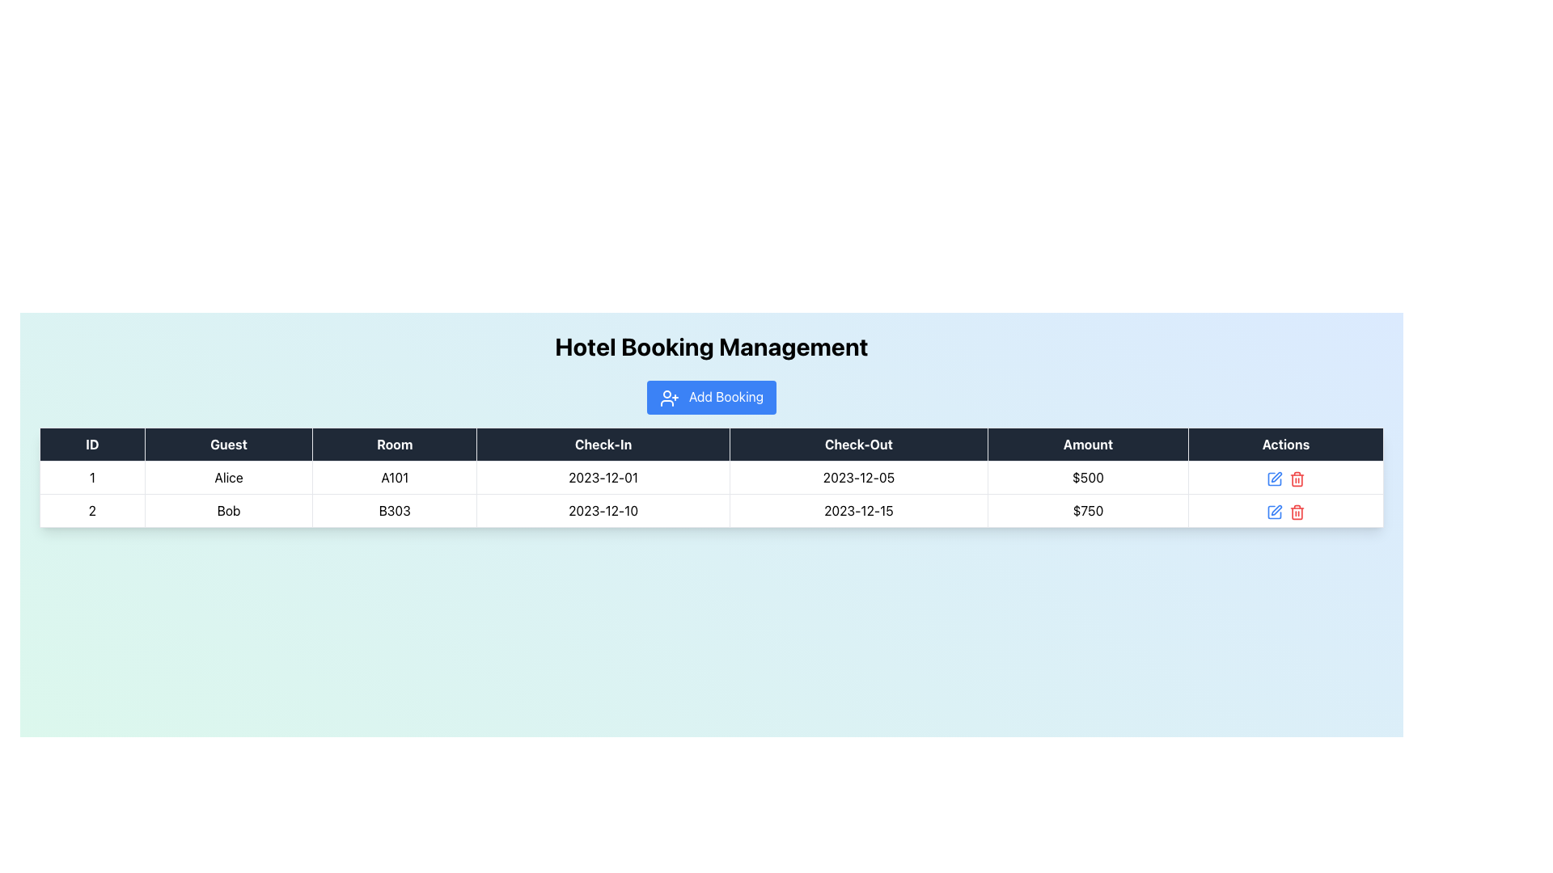 Image resolution: width=1553 pixels, height=873 pixels. Describe the element at coordinates (603, 476) in the screenshot. I see `the table cell displaying the check-in date for a specific booking, located in the fourth column of the first data row under the 'Check-In' header` at that location.